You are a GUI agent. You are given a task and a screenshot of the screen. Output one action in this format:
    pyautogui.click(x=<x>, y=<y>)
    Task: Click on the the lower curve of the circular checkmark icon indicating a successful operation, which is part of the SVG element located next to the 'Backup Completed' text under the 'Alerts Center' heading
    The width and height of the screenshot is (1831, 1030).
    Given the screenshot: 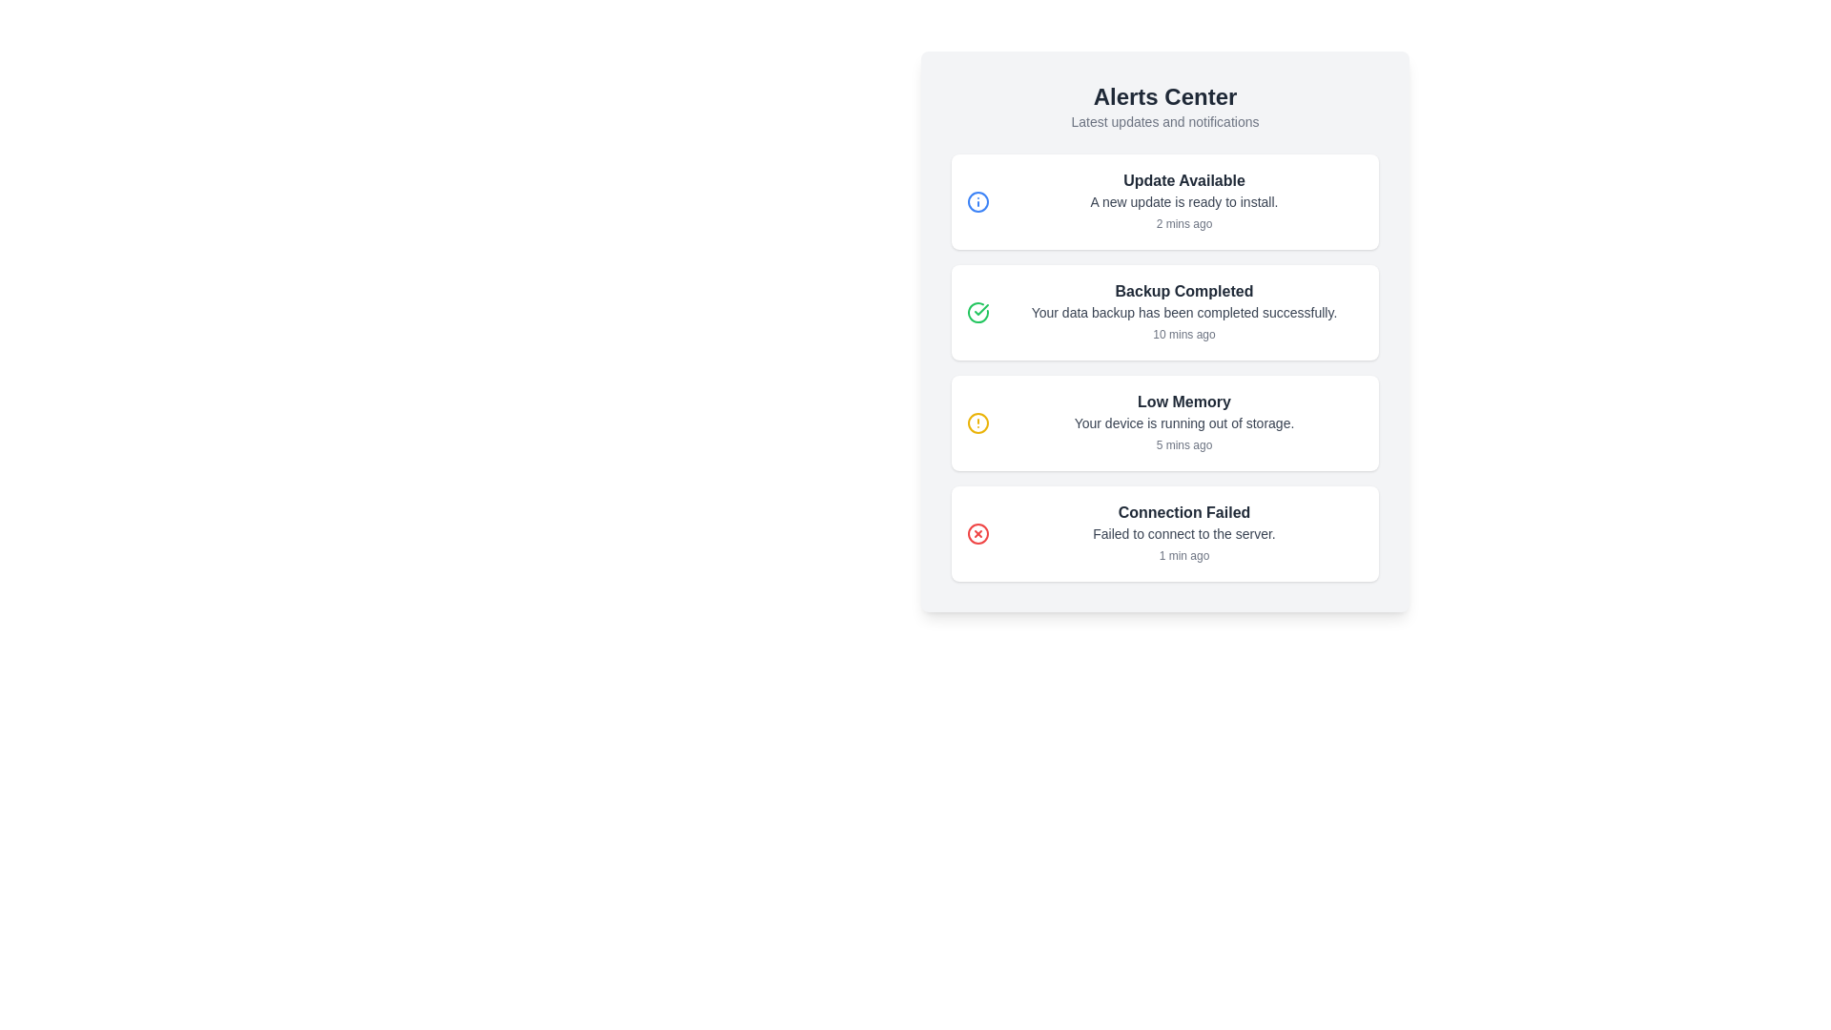 What is the action you would take?
    pyautogui.click(x=978, y=311)
    